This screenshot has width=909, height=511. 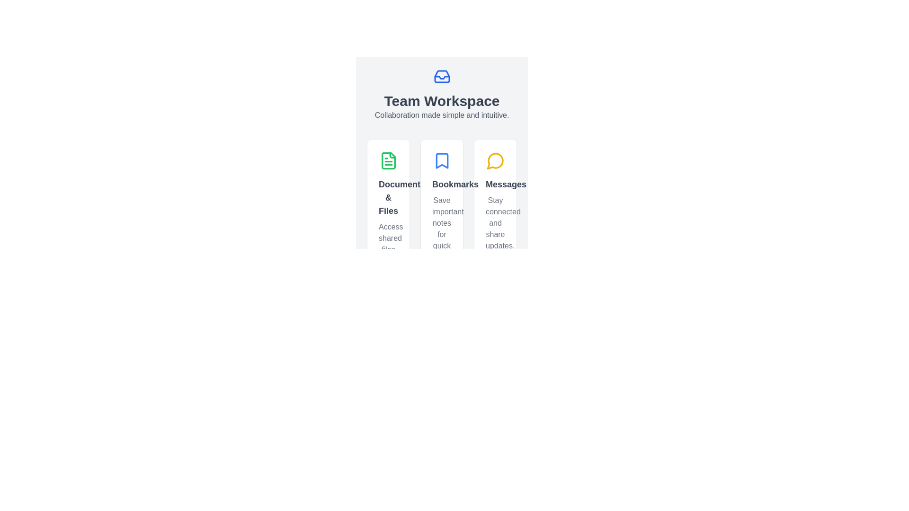 I want to click on the green icon resembling a file with text lines and a folded corner, located in the 'Document & Files' section, which is the first icon in the row of options, so click(x=388, y=160).